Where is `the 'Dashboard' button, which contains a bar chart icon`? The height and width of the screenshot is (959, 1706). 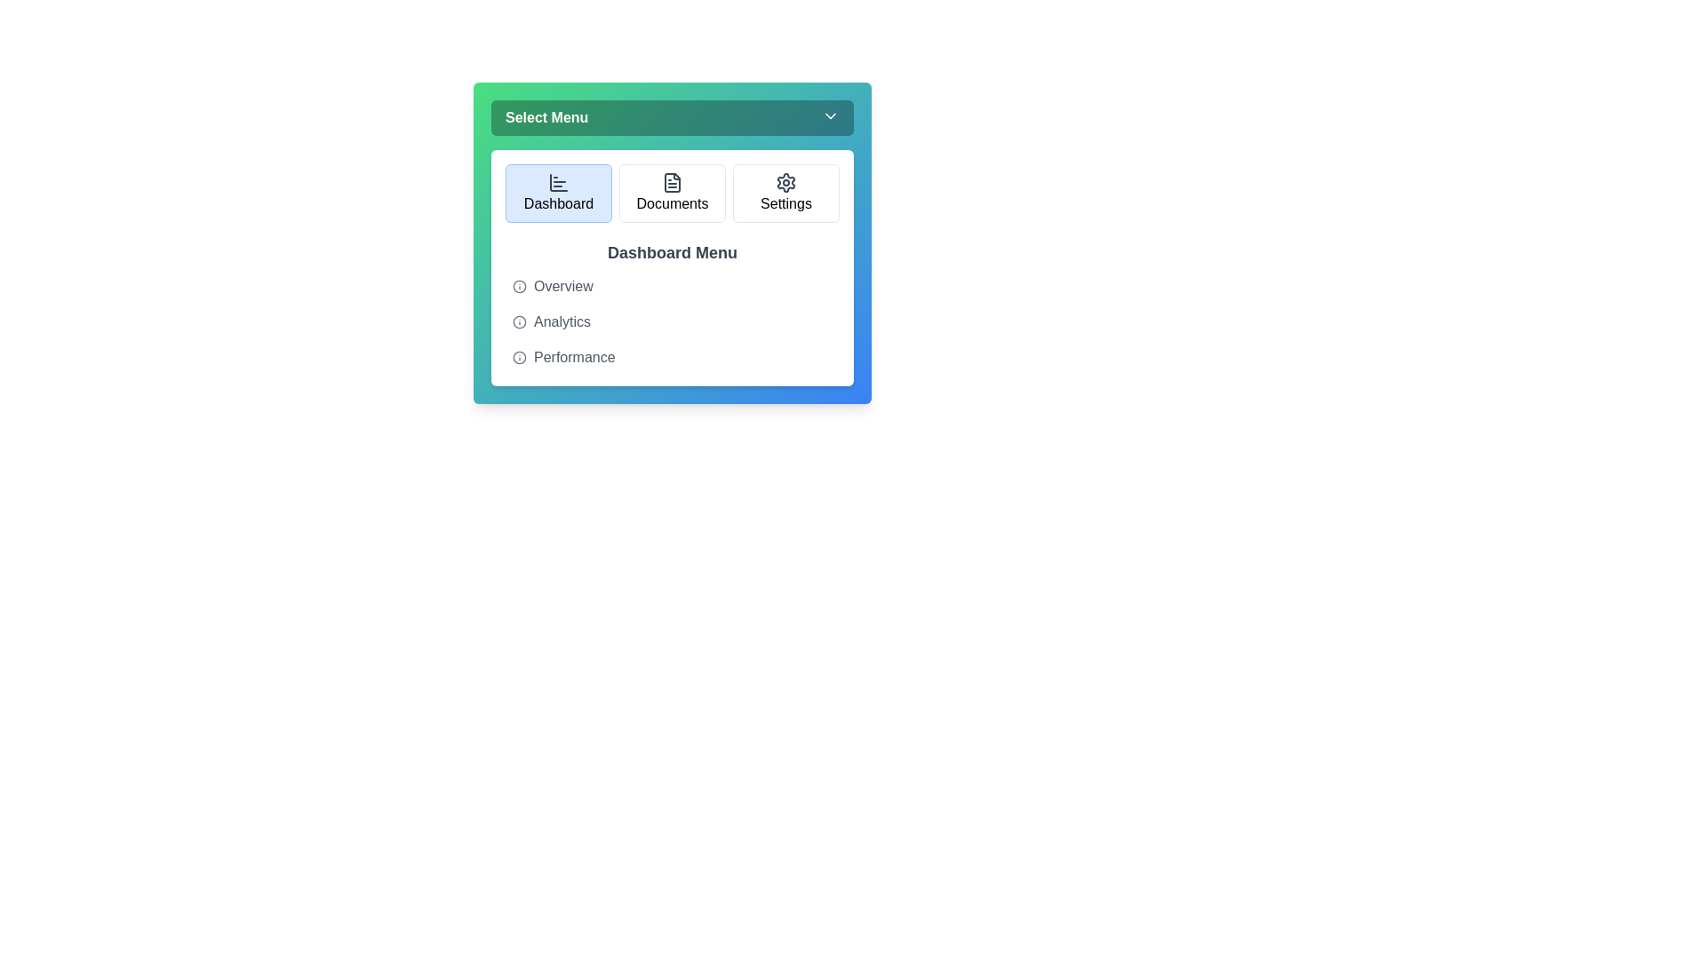
the 'Dashboard' button, which contains a bar chart icon is located at coordinates (557, 182).